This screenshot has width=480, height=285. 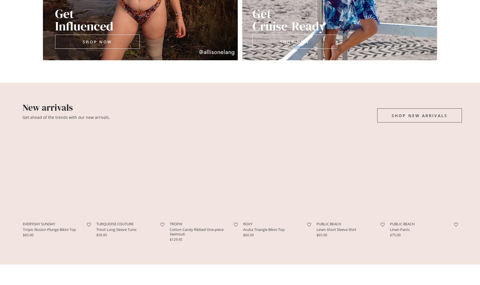 What do you see at coordinates (66, 117) in the screenshot?
I see `'Get ahead of the trends with our new arrivals.'` at bounding box center [66, 117].